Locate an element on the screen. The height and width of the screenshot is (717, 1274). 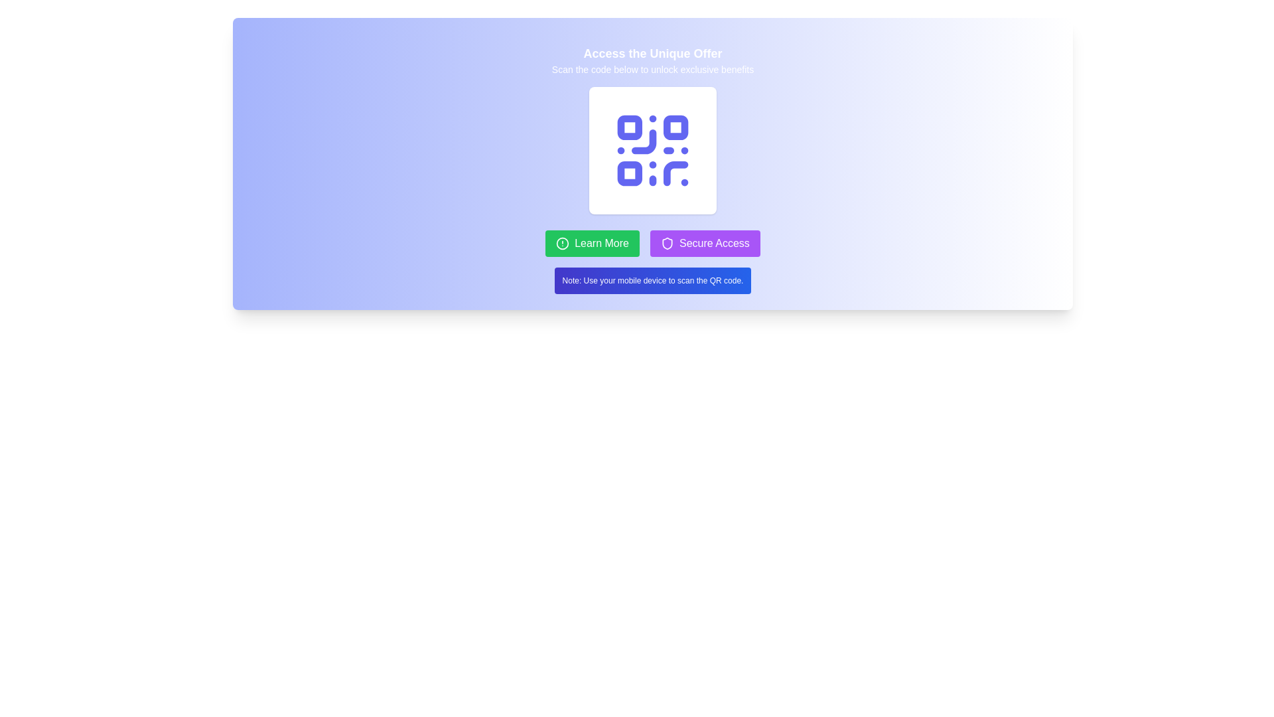
the shield-shaped icon with a purple fill and a white outline, which is located to the left of the text 'Secure Access' in the corresponding button is located at coordinates (668, 243).